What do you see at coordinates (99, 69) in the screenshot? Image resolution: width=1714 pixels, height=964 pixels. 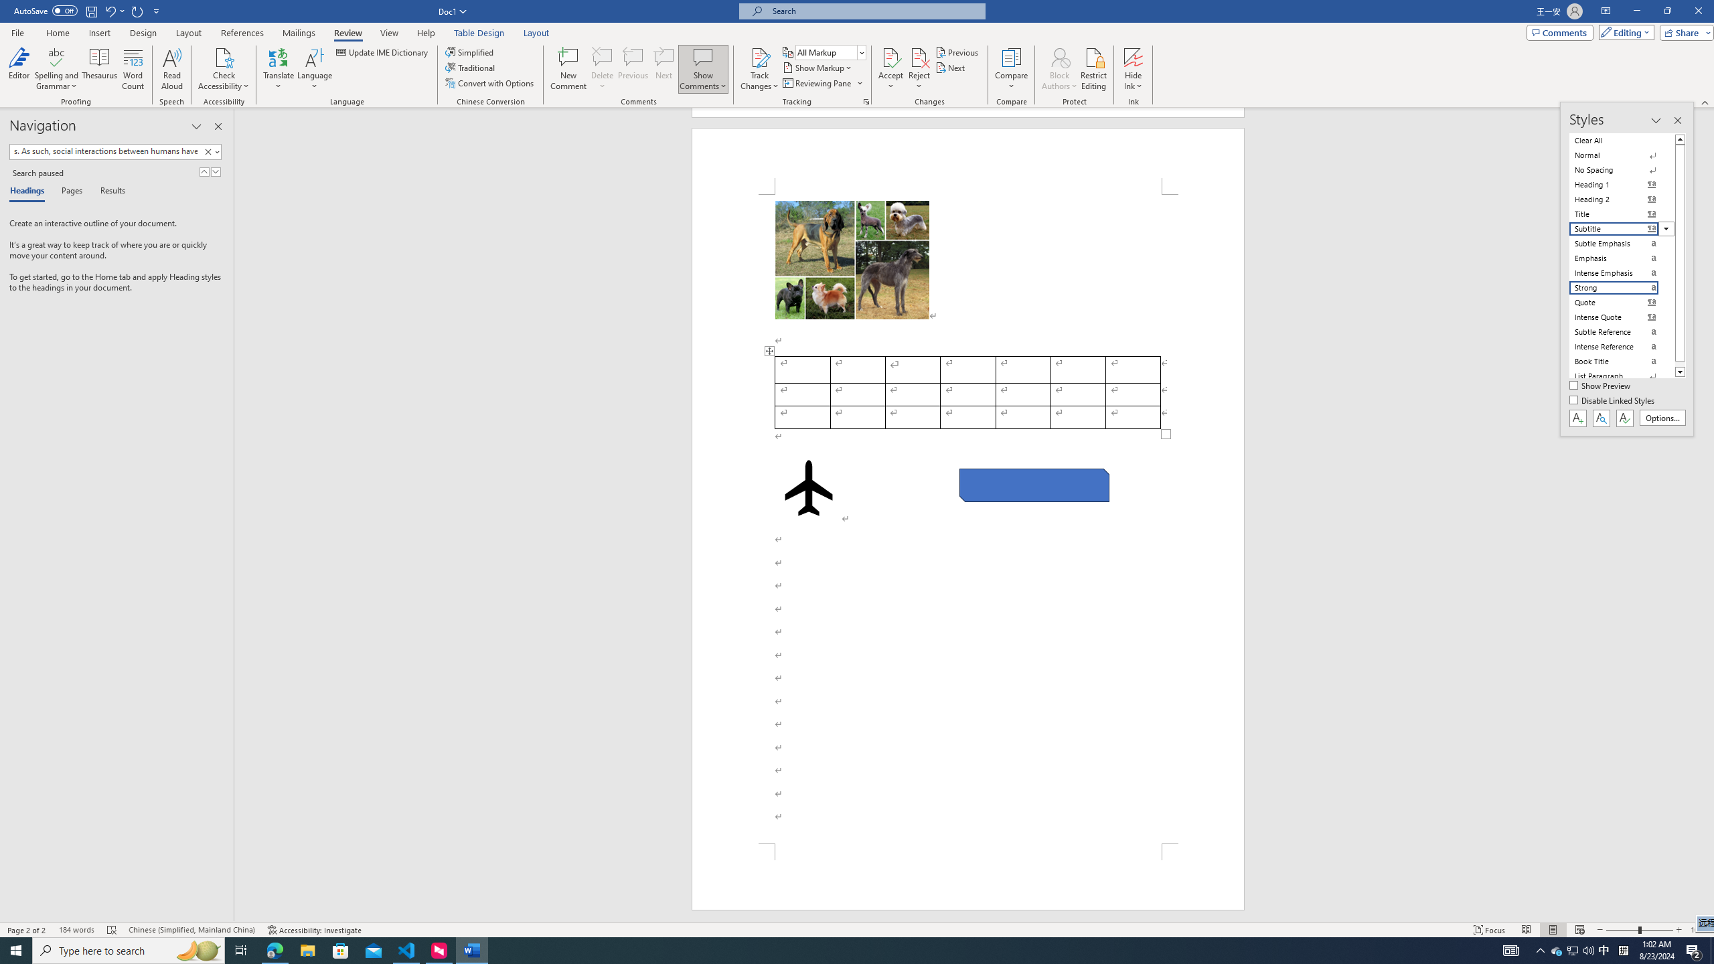 I see `'Thesaurus...'` at bounding box center [99, 69].